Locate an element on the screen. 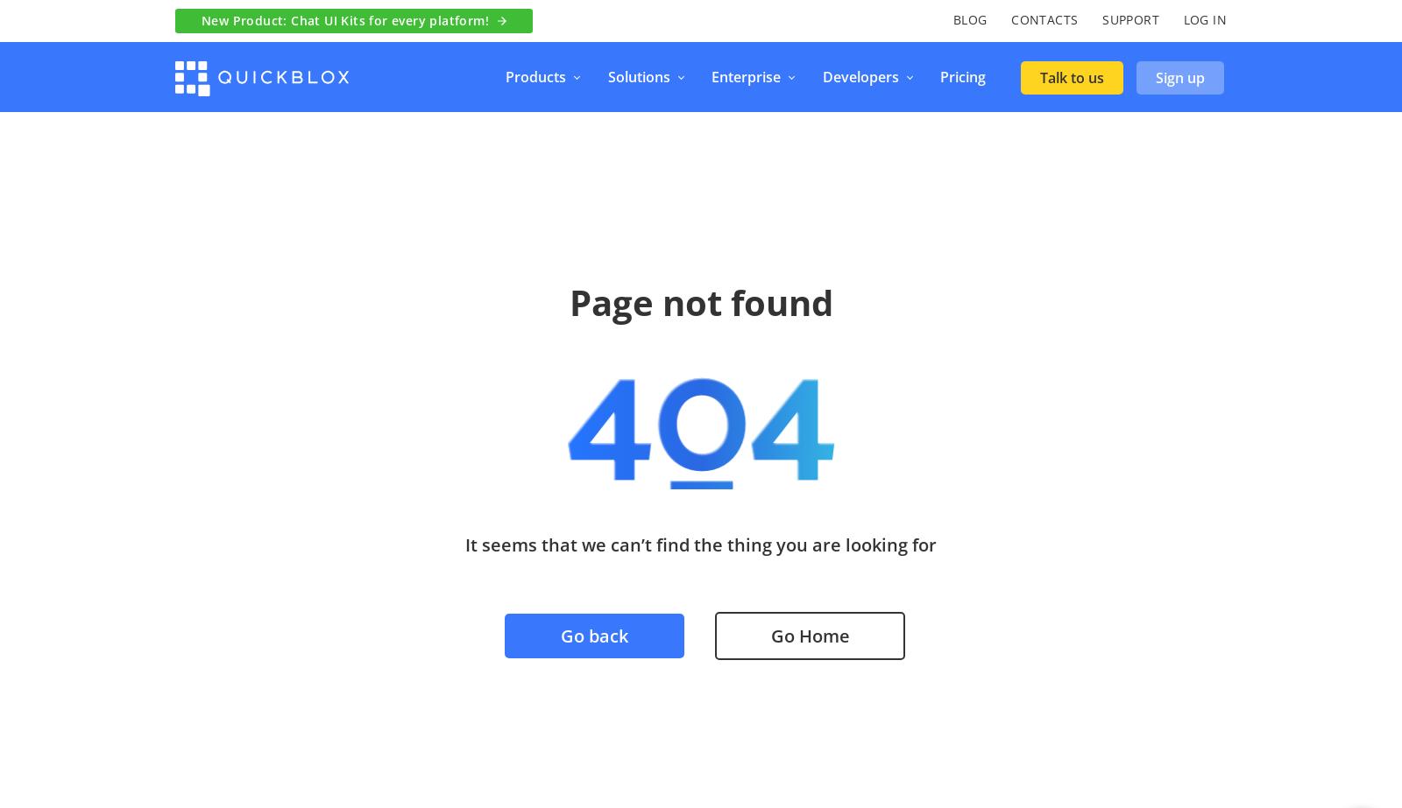 This screenshot has width=1402, height=808. 'Voice & Video Calling' is located at coordinates (965, 308).